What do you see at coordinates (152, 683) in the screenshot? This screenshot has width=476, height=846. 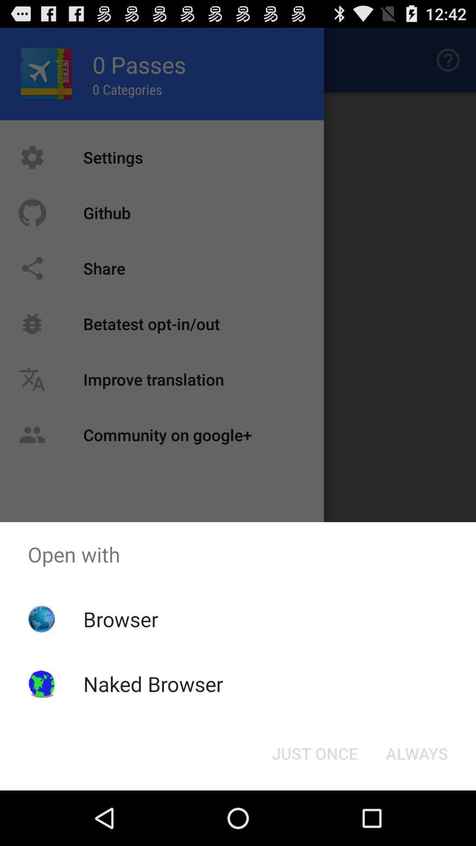 I see `icon below browser icon` at bounding box center [152, 683].